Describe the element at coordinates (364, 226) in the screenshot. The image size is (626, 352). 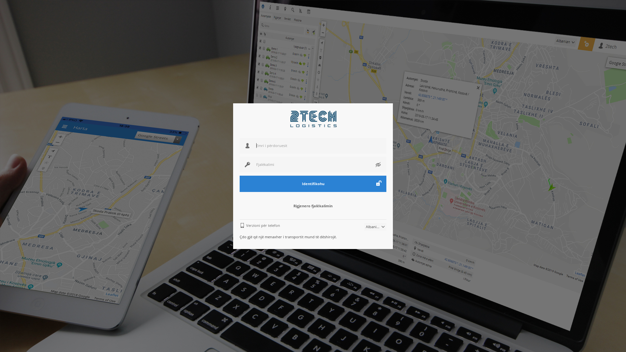
I see `'Albanian'` at that location.